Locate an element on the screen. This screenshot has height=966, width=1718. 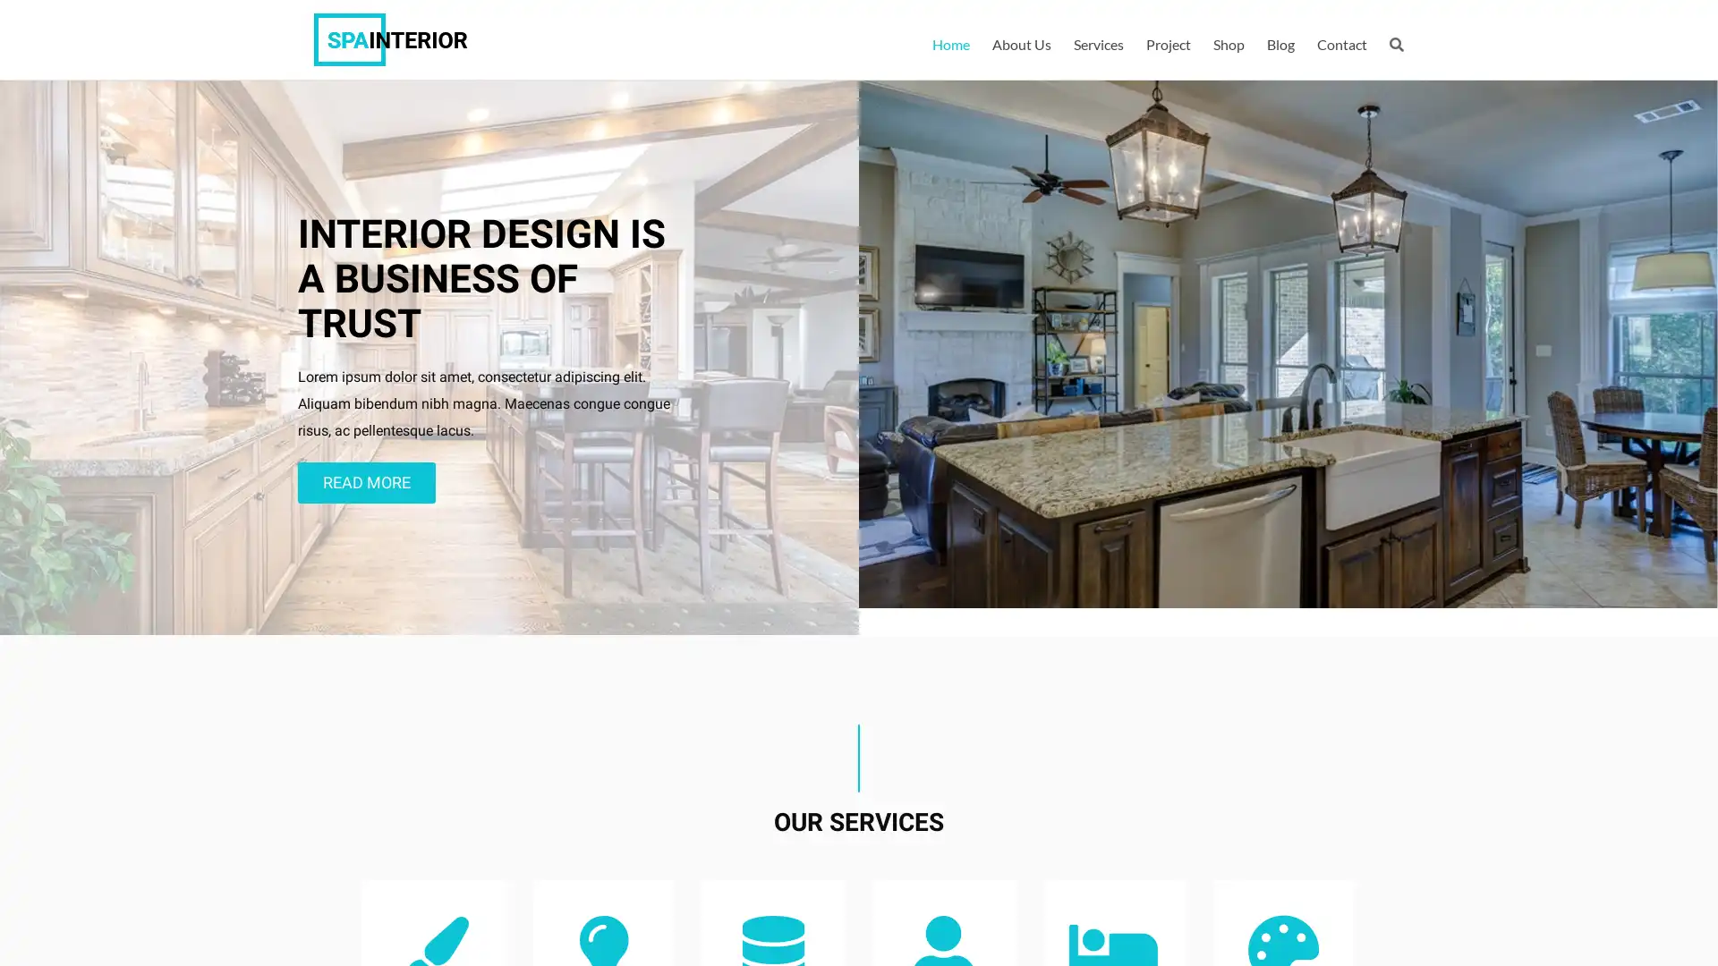
READ MORE is located at coordinates (365, 483).